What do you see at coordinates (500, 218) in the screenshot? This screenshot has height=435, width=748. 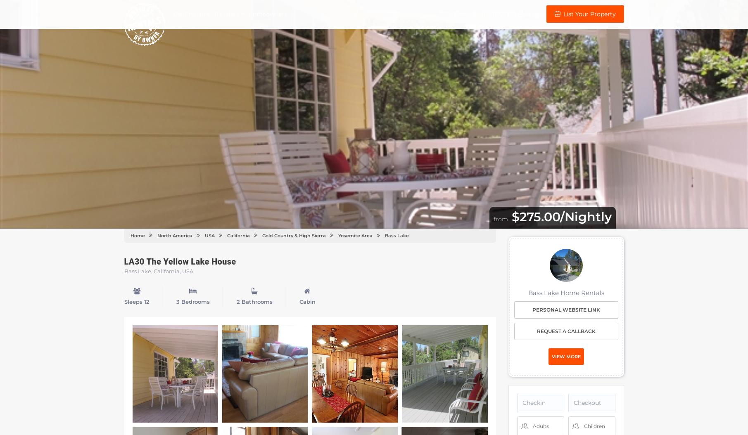 I see `'from'` at bounding box center [500, 218].